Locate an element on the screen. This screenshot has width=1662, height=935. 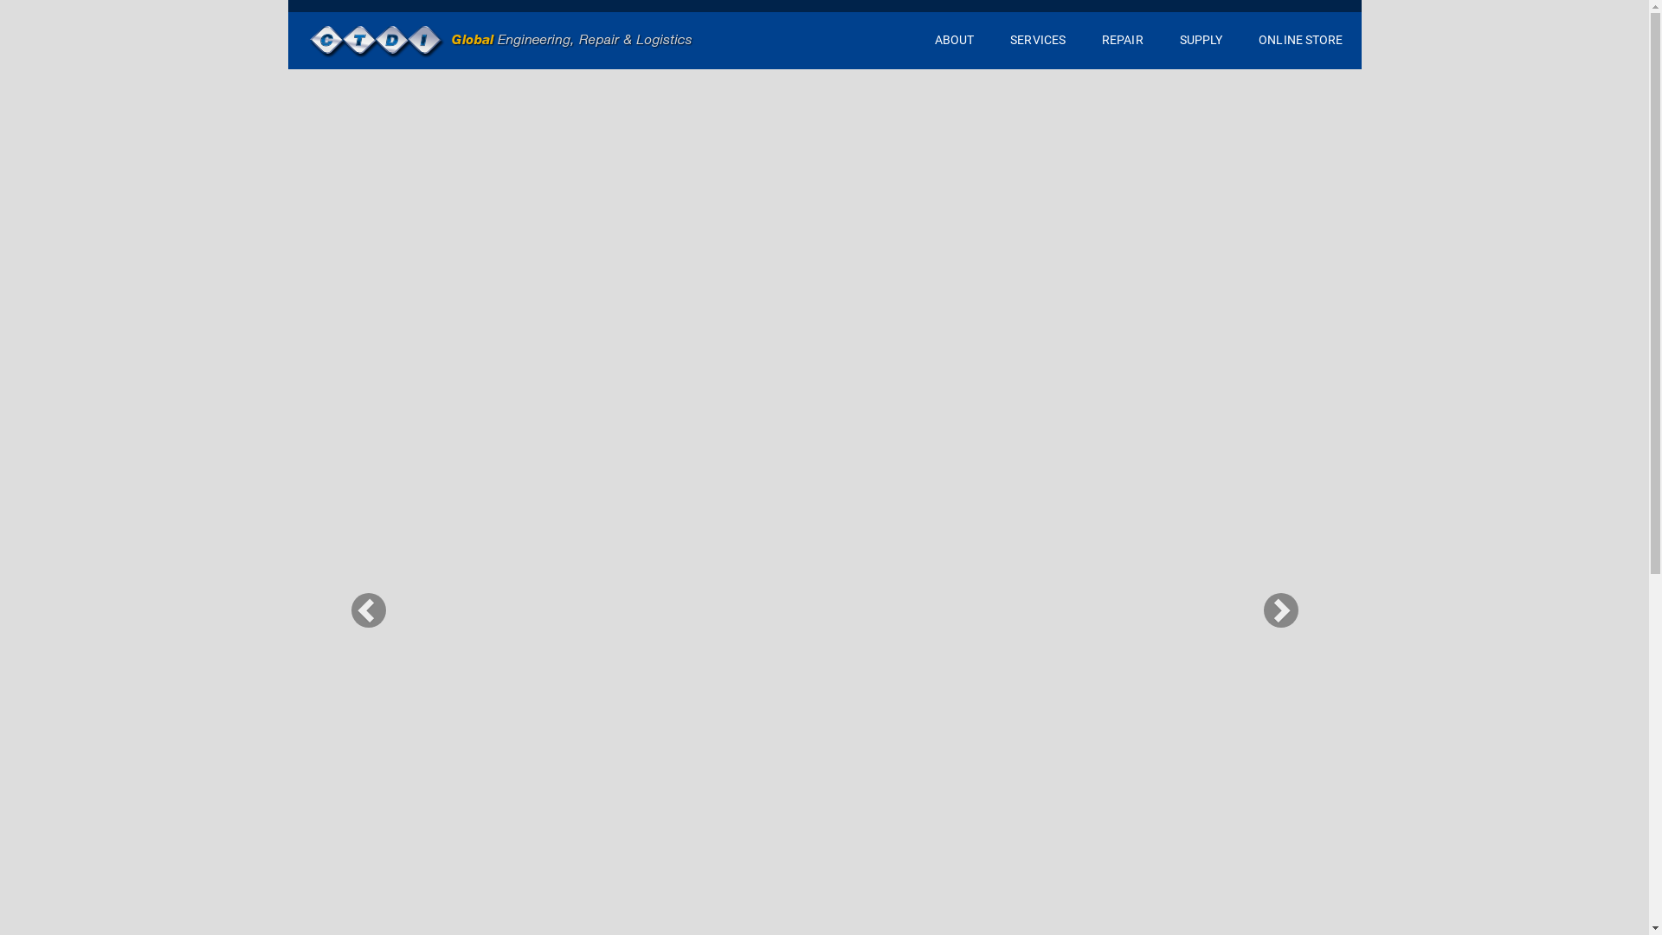
'SERVICES' is located at coordinates (1038, 39).